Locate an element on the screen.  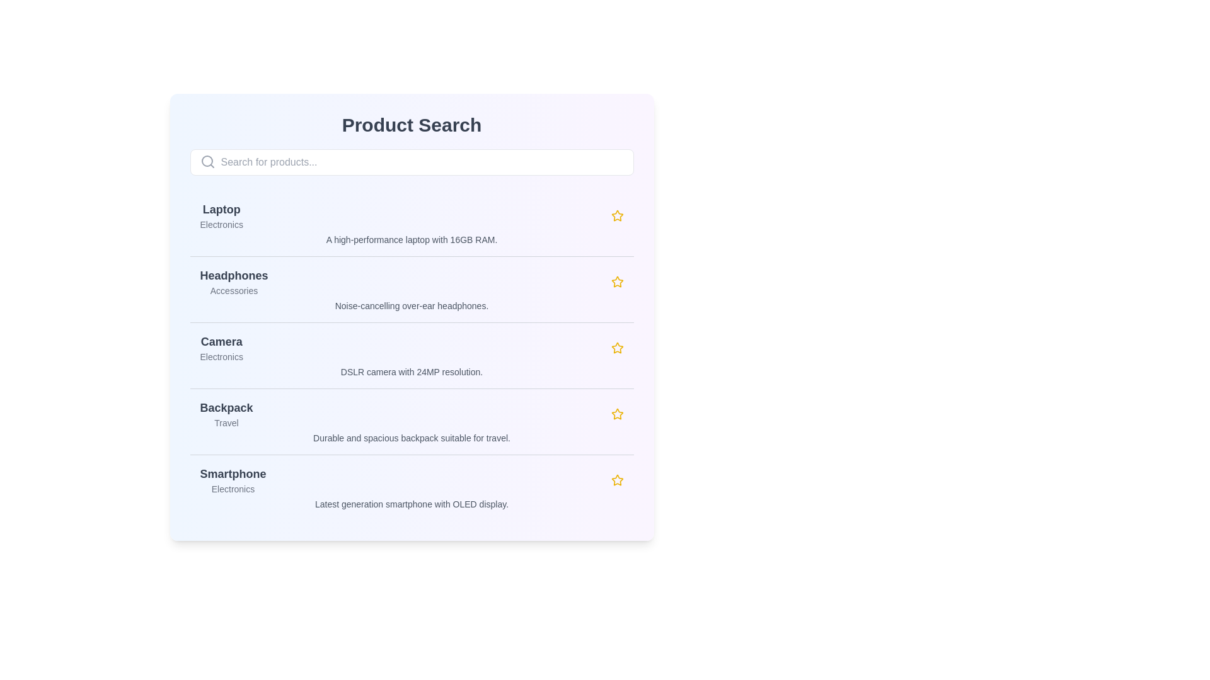
the yellow star icon, which is a rating marker positioned to the far right of the 'Laptop' item description in the product list is located at coordinates (617, 215).